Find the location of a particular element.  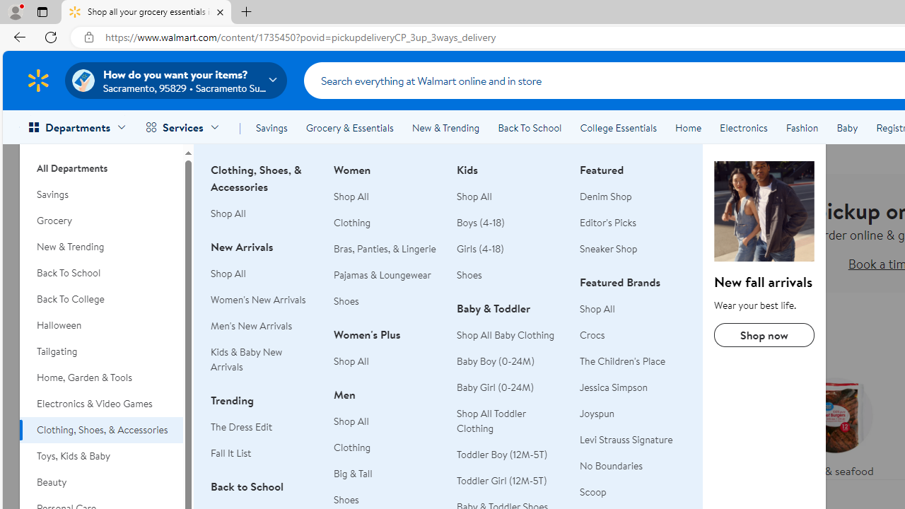

'Women' is located at coordinates (387, 355).